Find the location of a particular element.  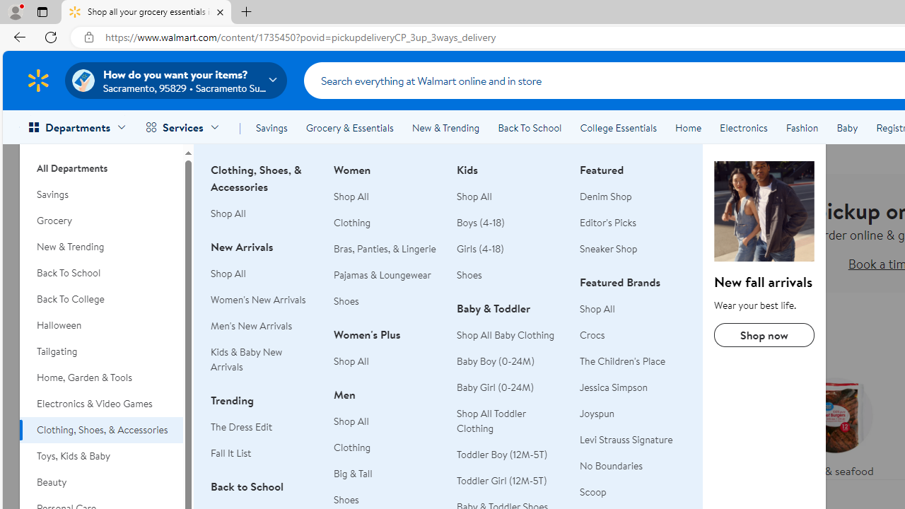

'Women' is located at coordinates (387, 355).